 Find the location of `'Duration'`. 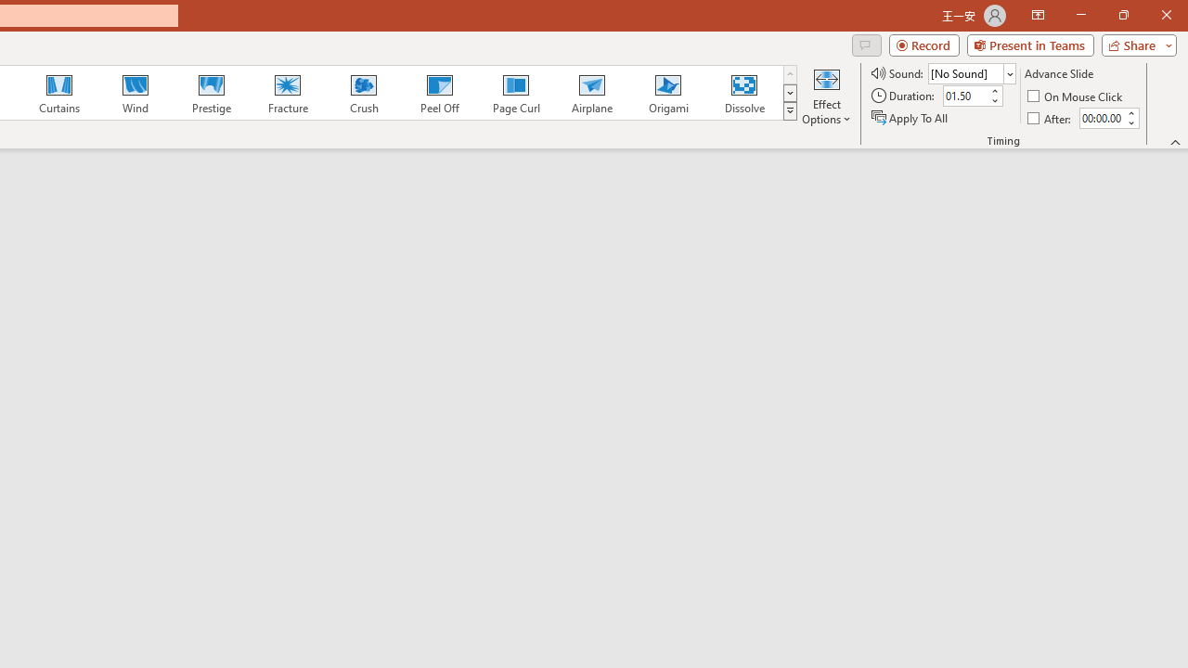

'Duration' is located at coordinates (965, 96).